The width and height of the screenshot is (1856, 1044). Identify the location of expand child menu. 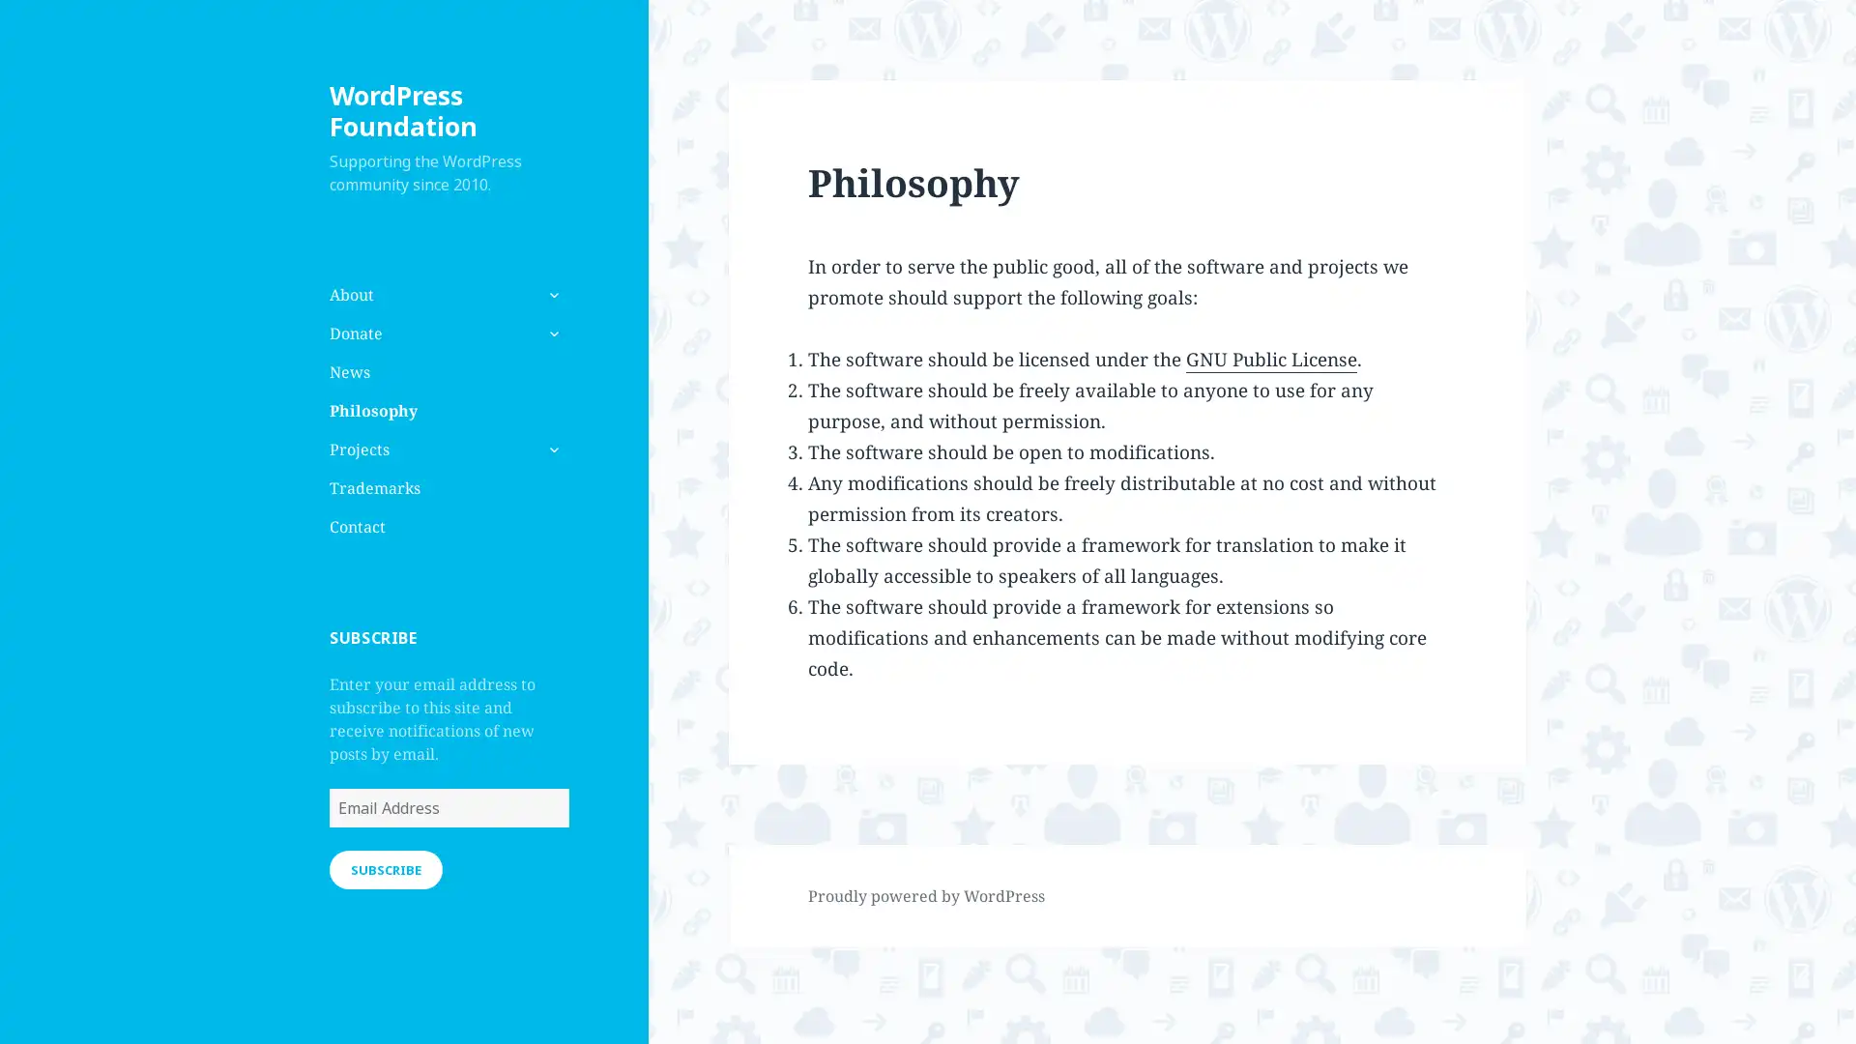
(551, 294).